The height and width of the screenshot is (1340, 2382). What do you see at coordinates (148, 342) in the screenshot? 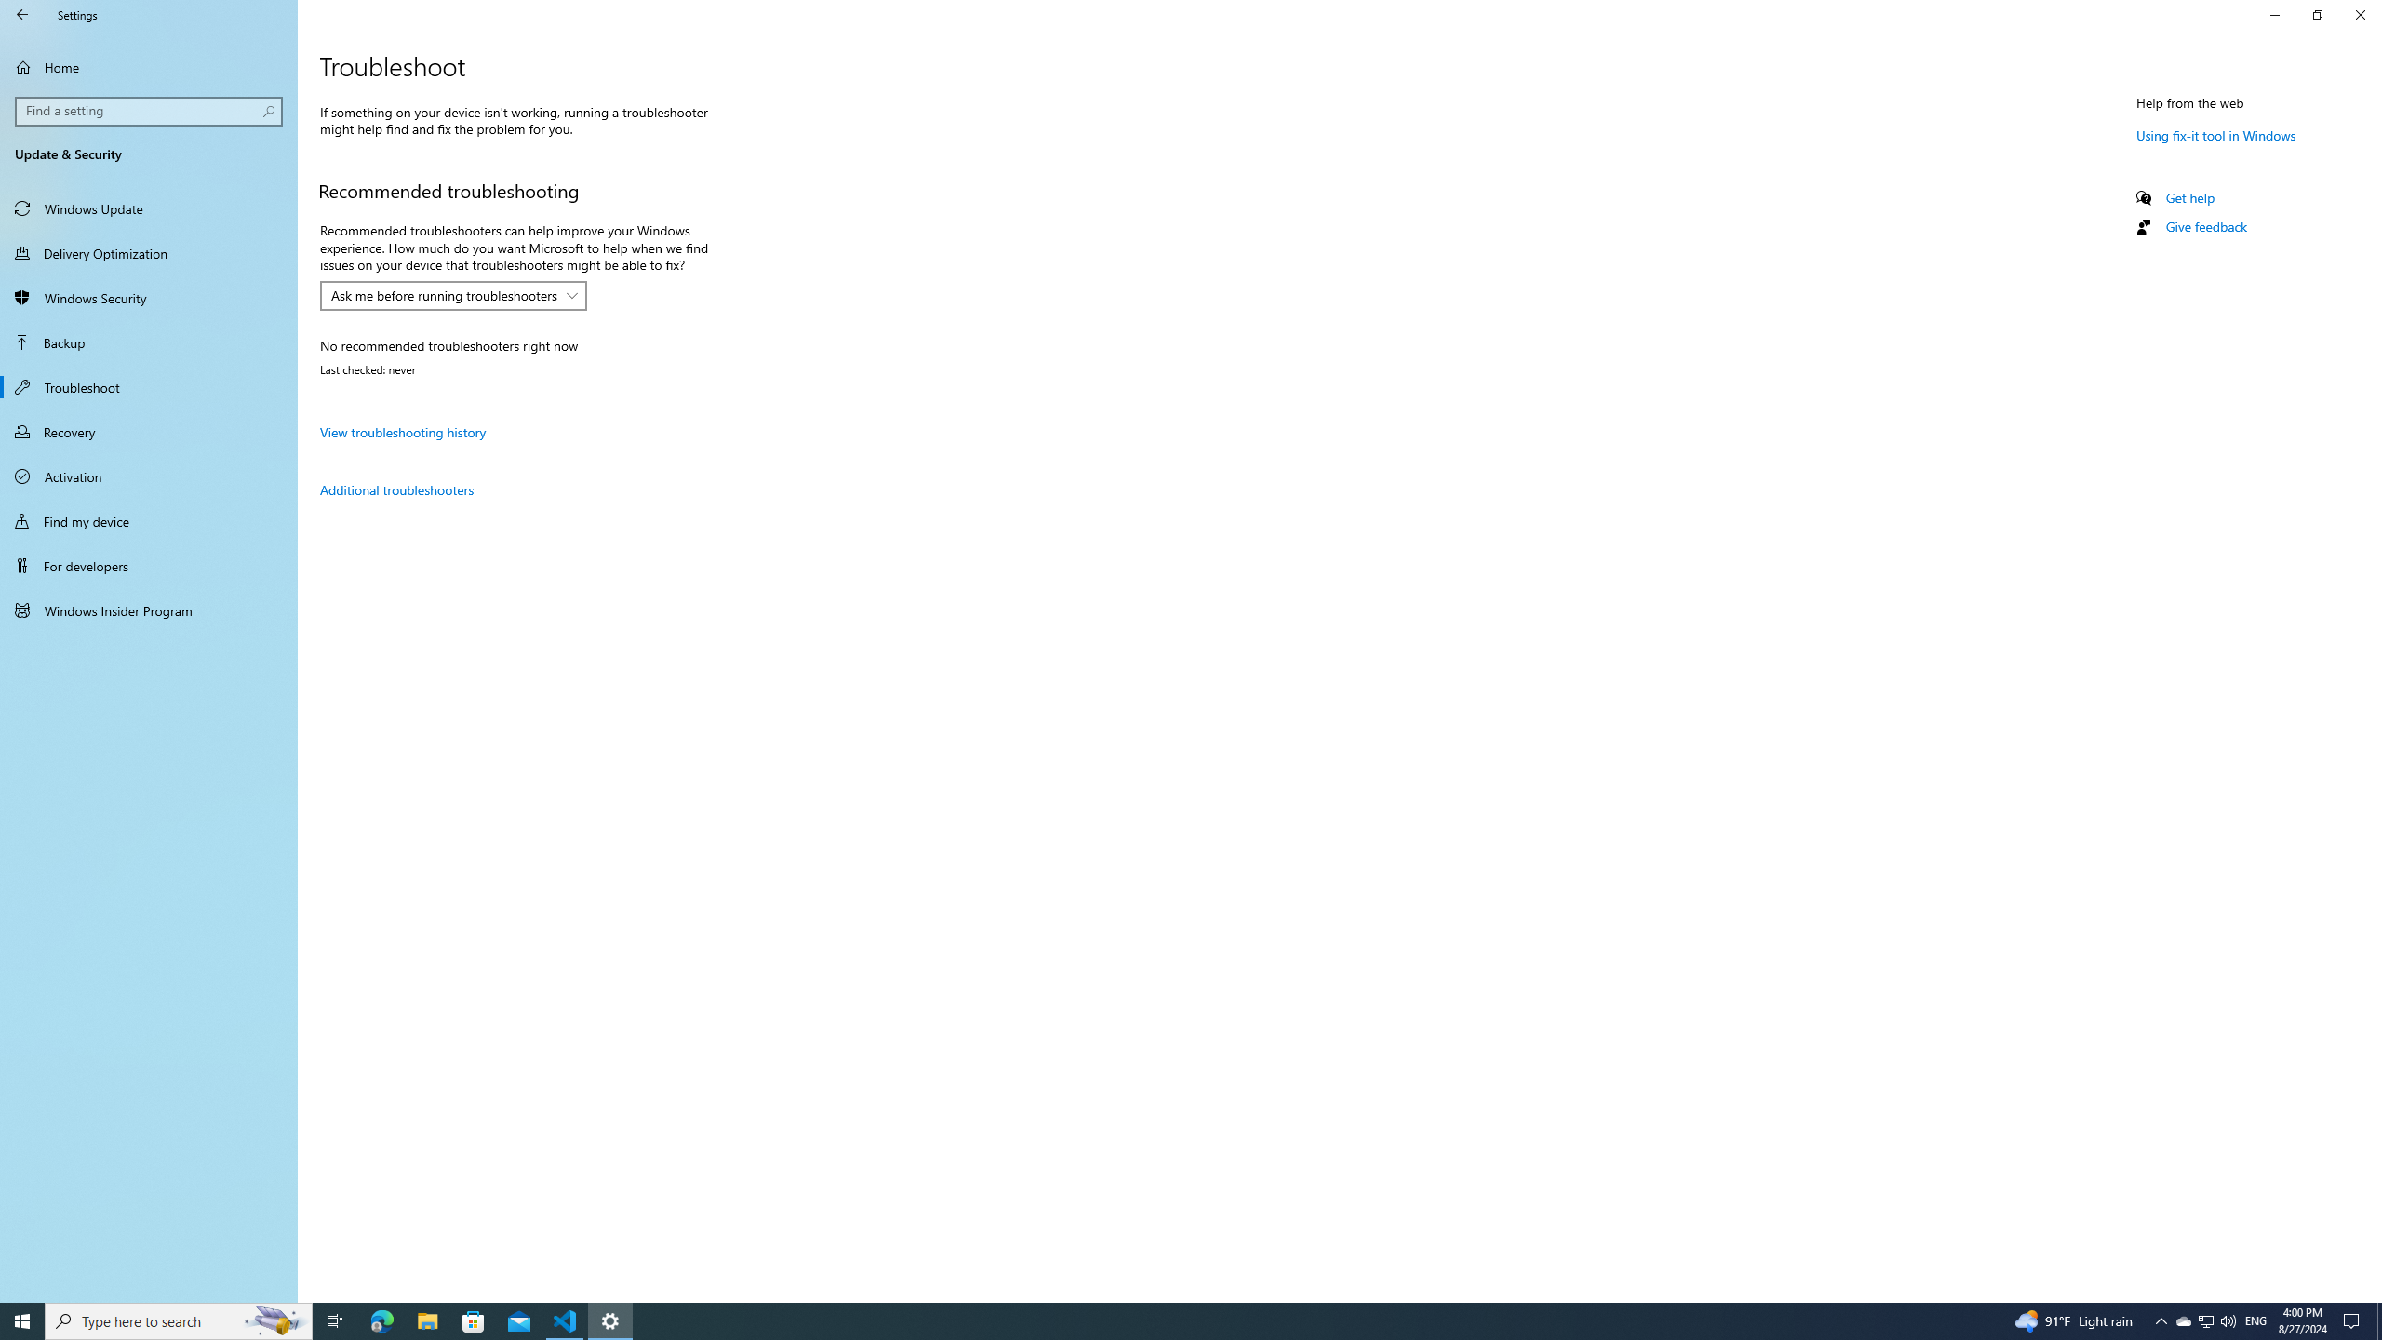
I see `'Backup'` at bounding box center [148, 342].